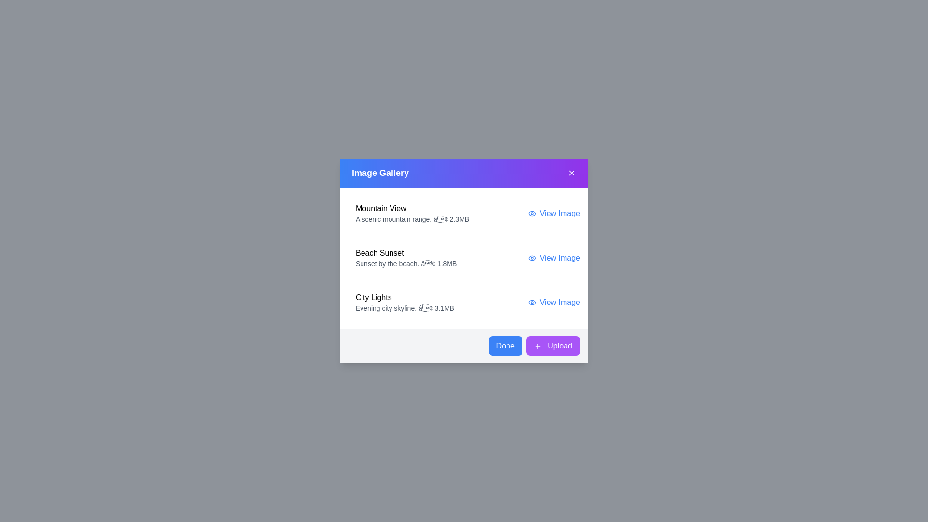  What do you see at coordinates (554, 213) in the screenshot?
I see `the 'View Image' link for the image titled 'Mountain View'` at bounding box center [554, 213].